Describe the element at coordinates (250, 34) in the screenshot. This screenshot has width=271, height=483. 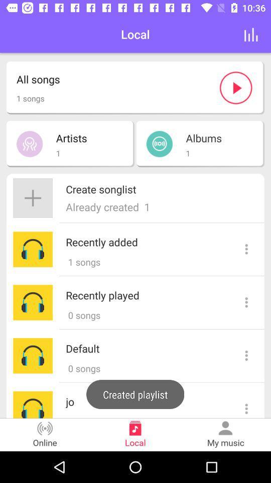
I see `the sliders icon` at that location.